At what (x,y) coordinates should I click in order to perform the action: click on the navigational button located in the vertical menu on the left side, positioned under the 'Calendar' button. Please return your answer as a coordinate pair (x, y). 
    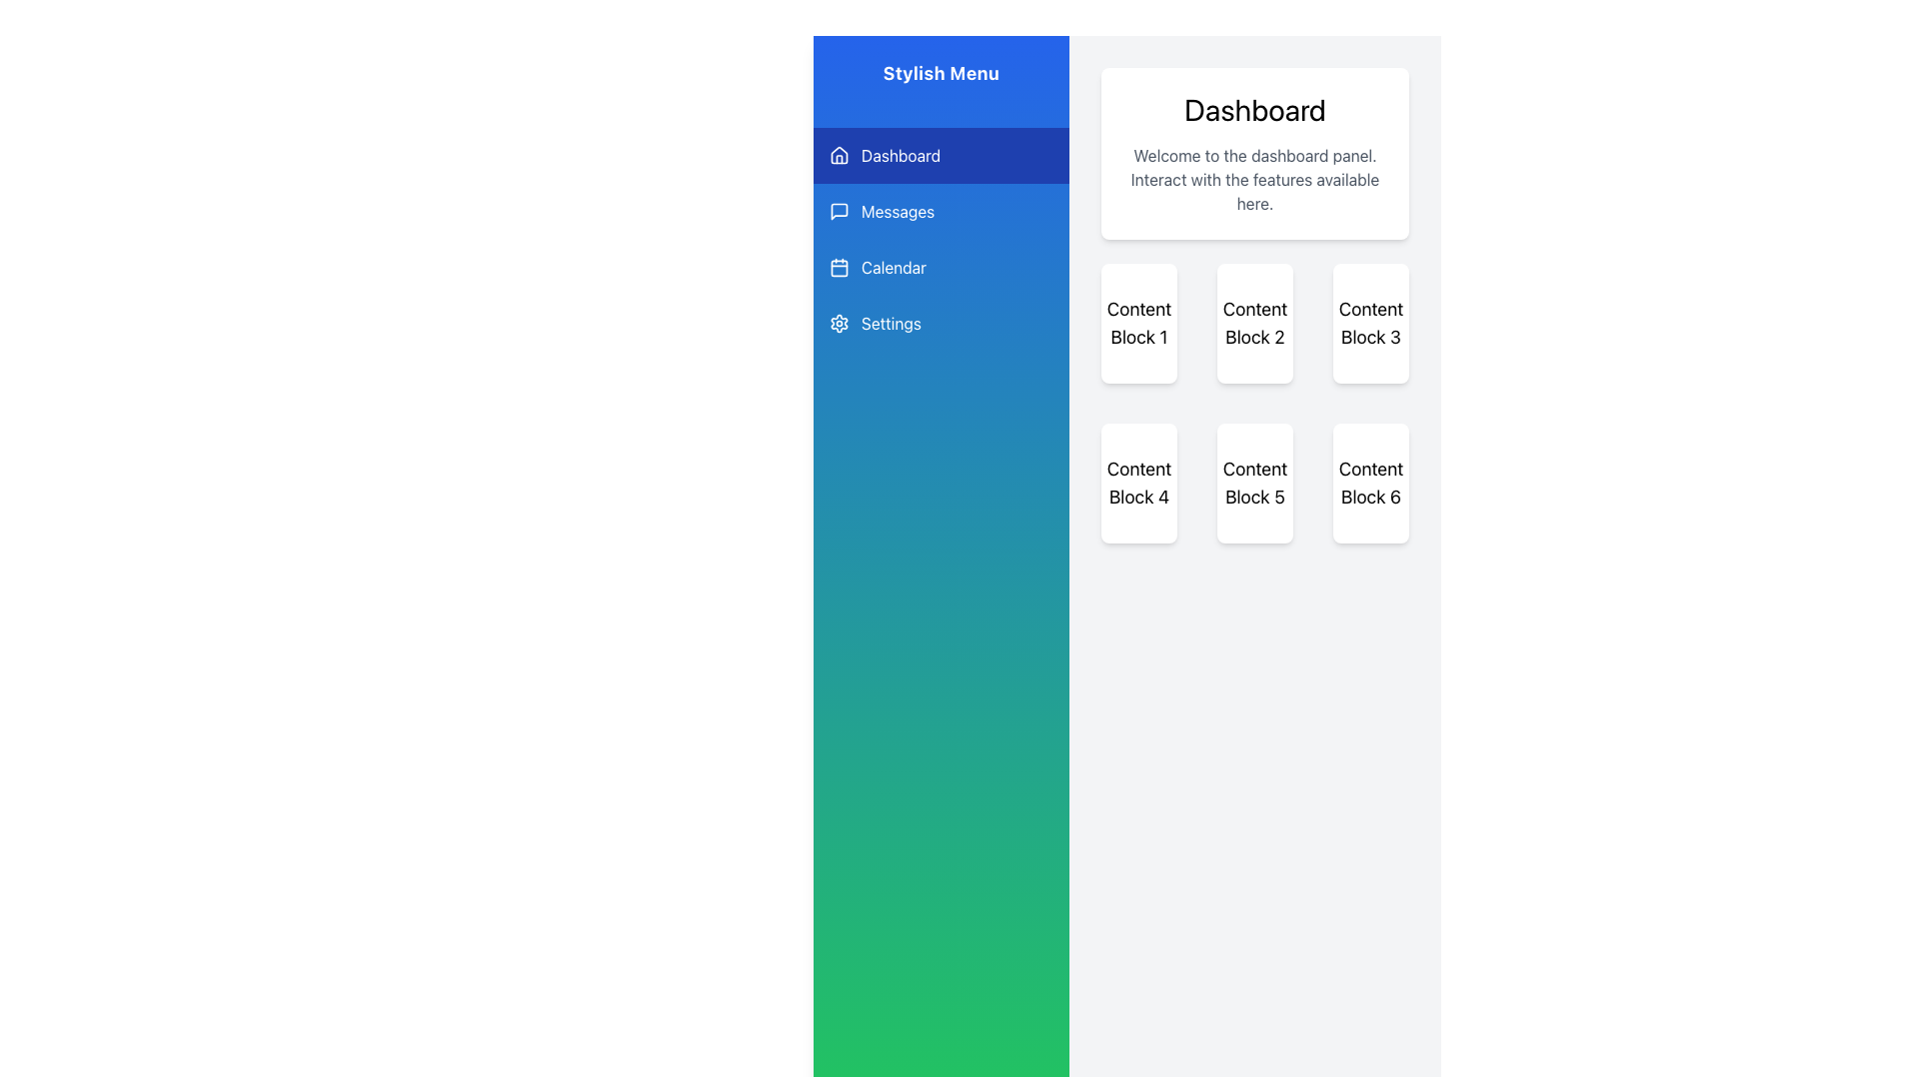
    Looking at the image, I should click on (940, 323).